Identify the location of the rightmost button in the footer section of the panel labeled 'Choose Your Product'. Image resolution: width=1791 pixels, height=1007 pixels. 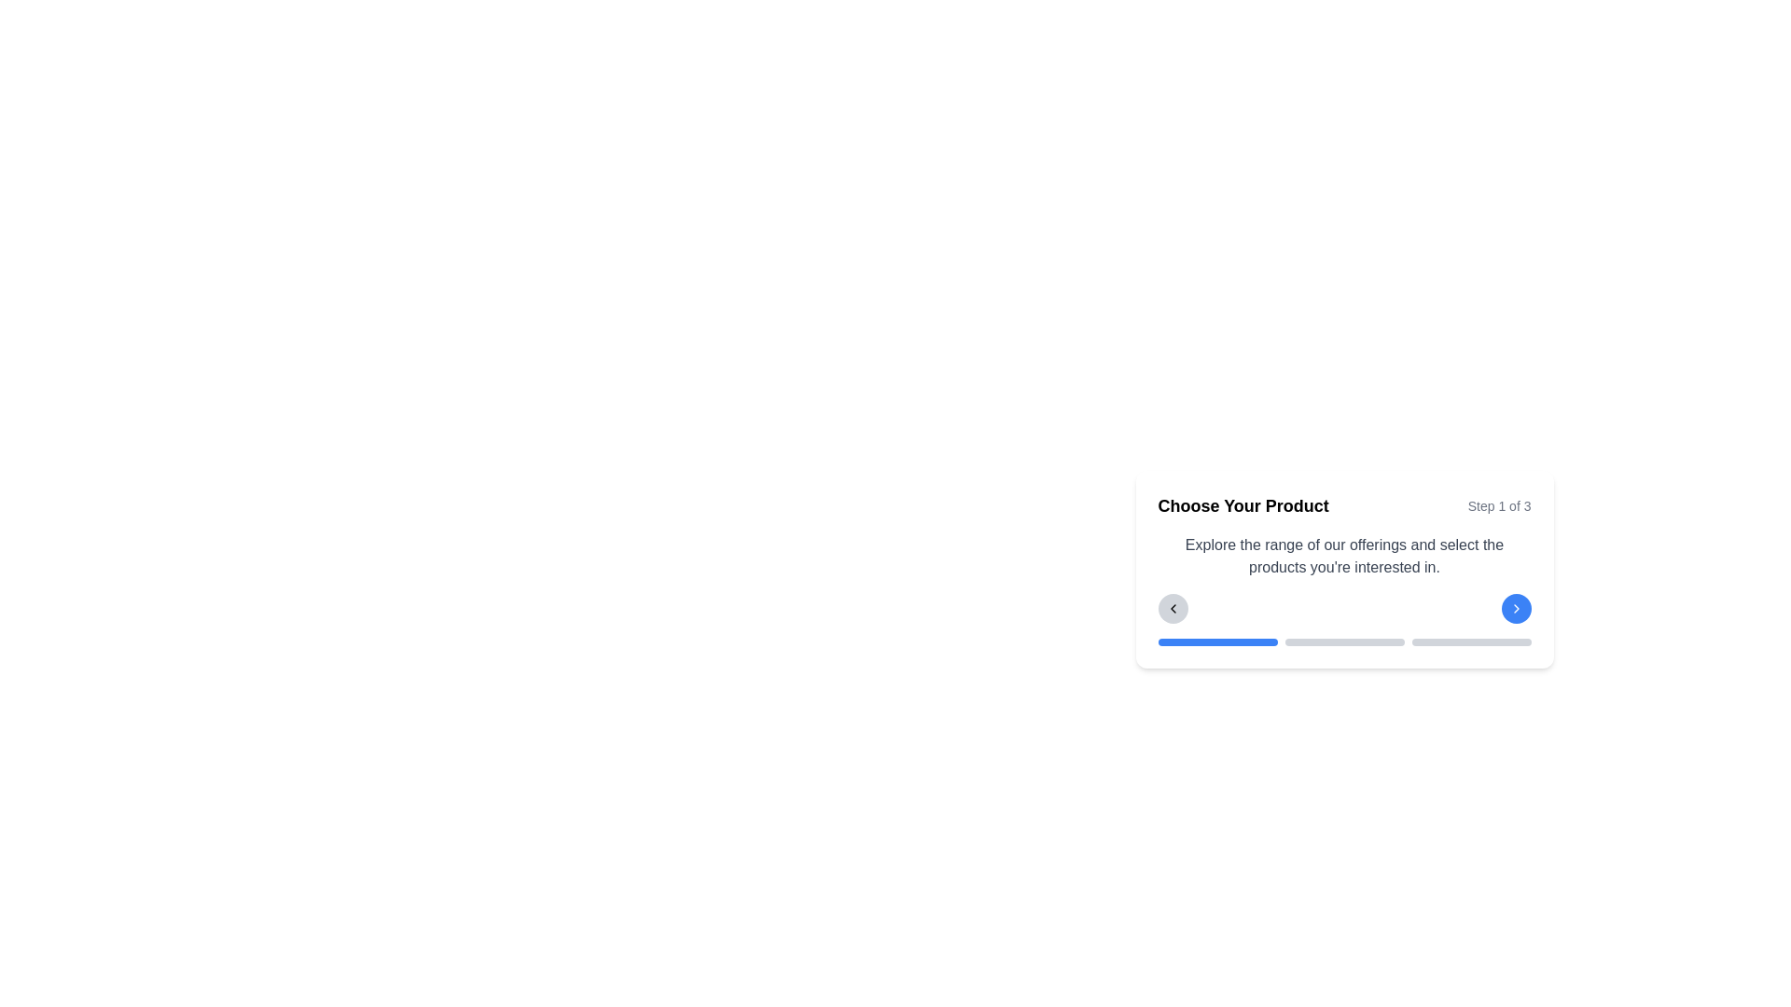
(1516, 608).